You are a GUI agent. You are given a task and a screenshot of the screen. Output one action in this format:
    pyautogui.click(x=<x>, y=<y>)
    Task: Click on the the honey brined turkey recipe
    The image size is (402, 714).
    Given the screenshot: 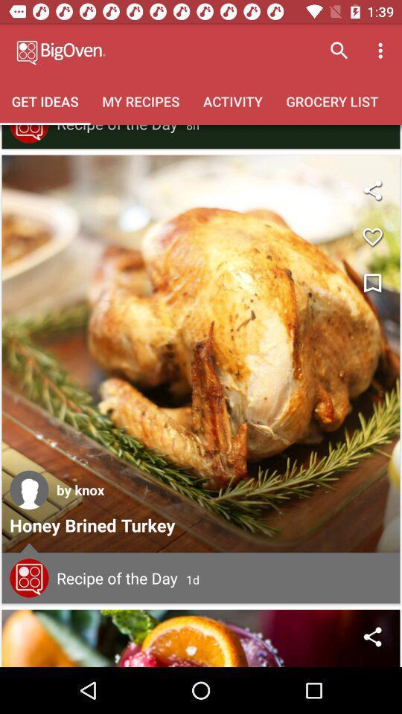 What is the action you would take?
    pyautogui.click(x=201, y=353)
    